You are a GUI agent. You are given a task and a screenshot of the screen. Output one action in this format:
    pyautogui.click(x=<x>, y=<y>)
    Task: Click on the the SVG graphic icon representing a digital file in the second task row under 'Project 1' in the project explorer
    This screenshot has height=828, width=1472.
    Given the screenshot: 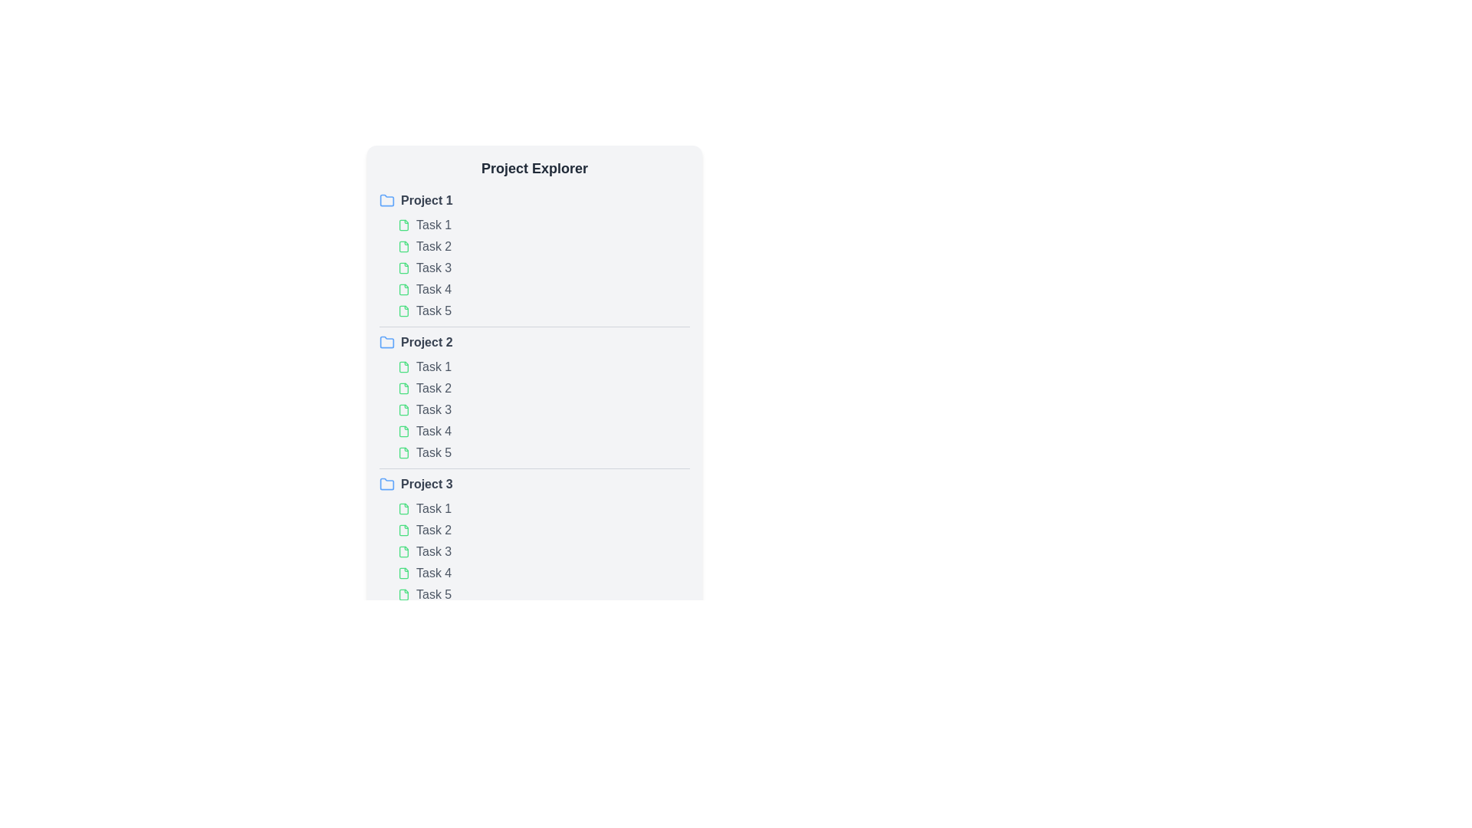 What is the action you would take?
    pyautogui.click(x=404, y=268)
    